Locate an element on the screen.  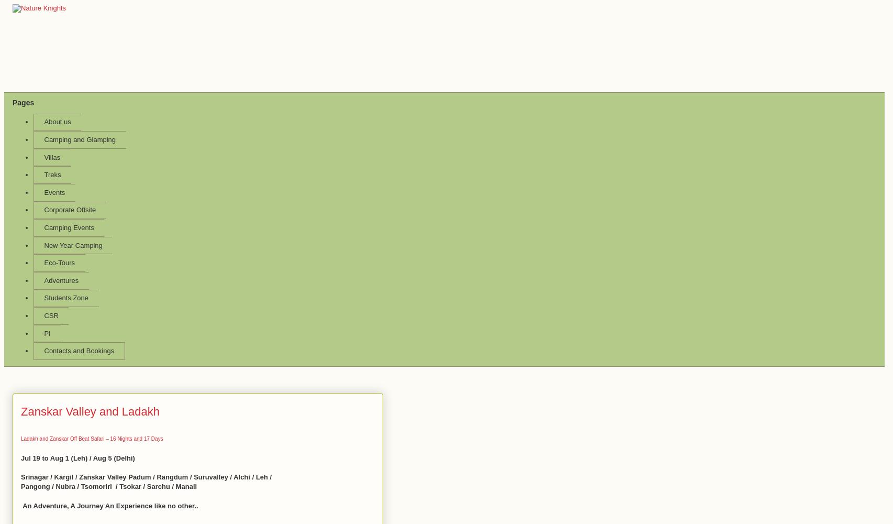
'Jul 19 to Aug 1 (Leh) / Aug 5 (Delhi)' is located at coordinates (77, 457).